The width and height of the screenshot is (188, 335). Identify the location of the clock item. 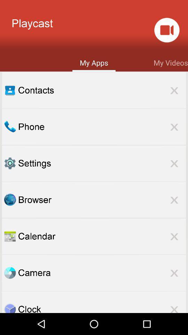
(102, 307).